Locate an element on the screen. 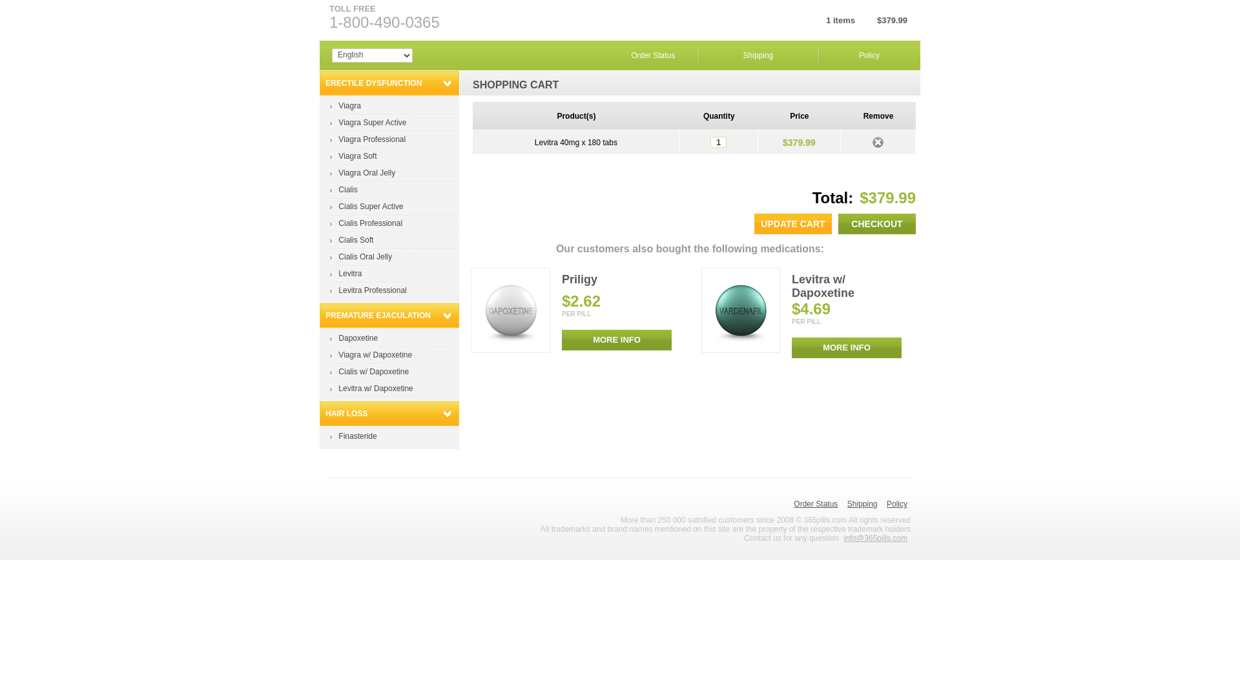  'info@365pills.com' is located at coordinates (876, 538).